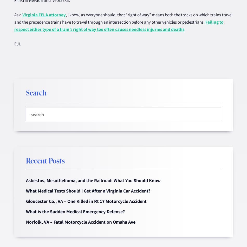 This screenshot has width=247, height=247. I want to click on 'What is the Sudden Medical Emergency Defense?', so click(75, 211).